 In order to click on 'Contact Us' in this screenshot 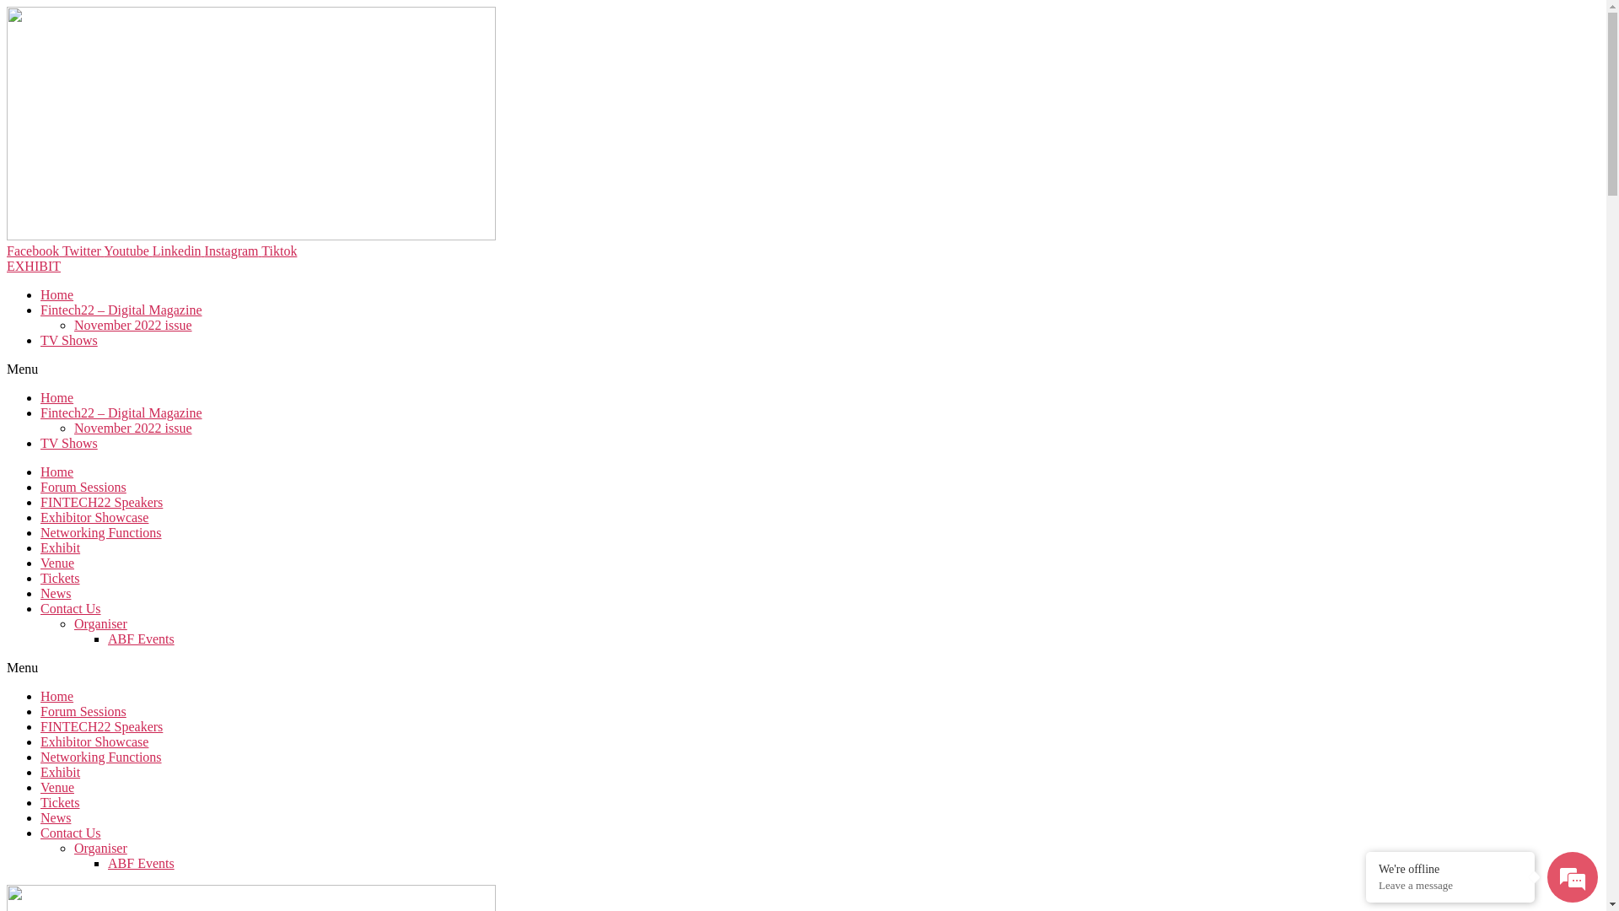, I will do `click(69, 608)`.